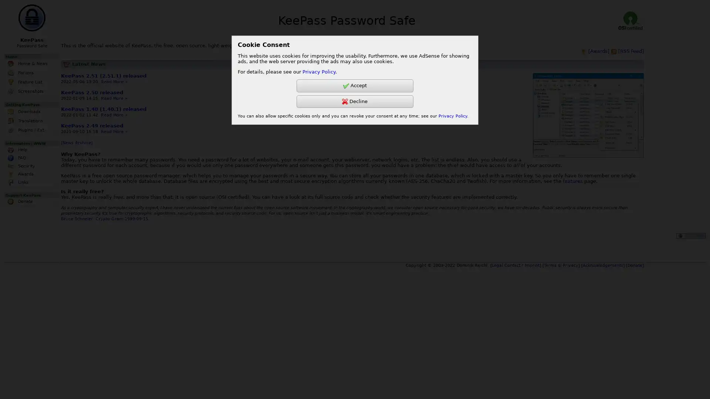  Describe the element at coordinates (354, 85) in the screenshot. I see `Accept` at that location.